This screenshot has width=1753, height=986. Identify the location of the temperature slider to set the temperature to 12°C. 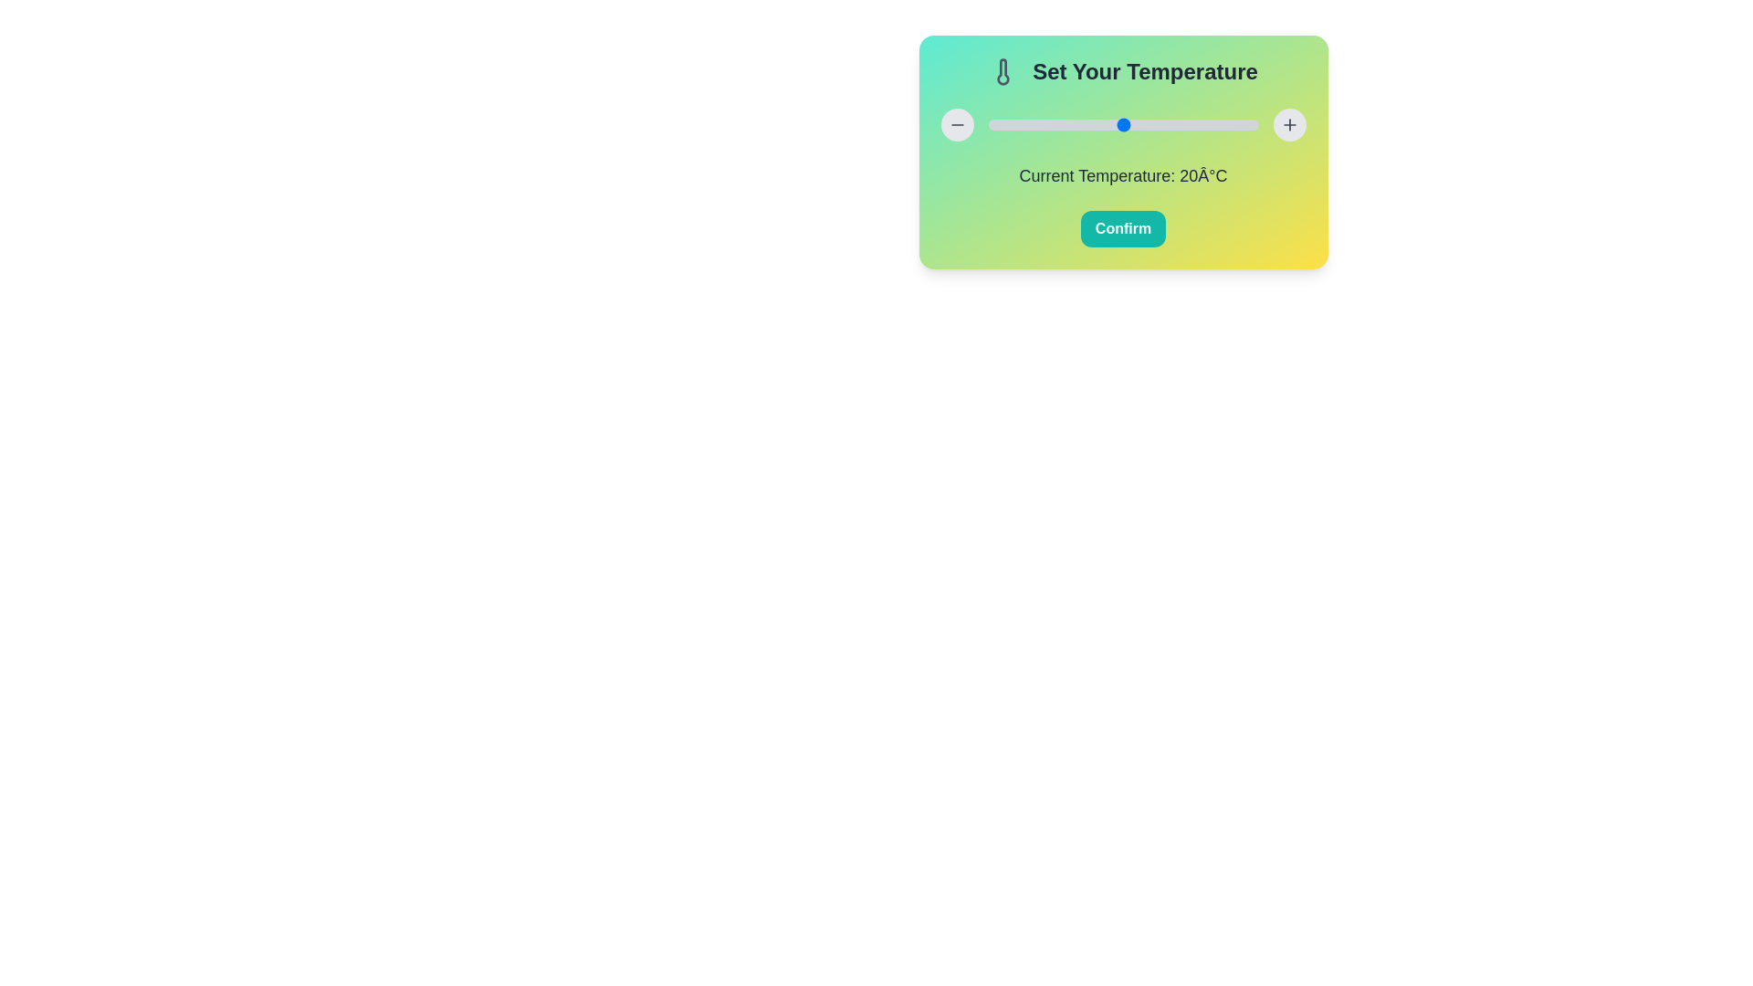
(1069, 124).